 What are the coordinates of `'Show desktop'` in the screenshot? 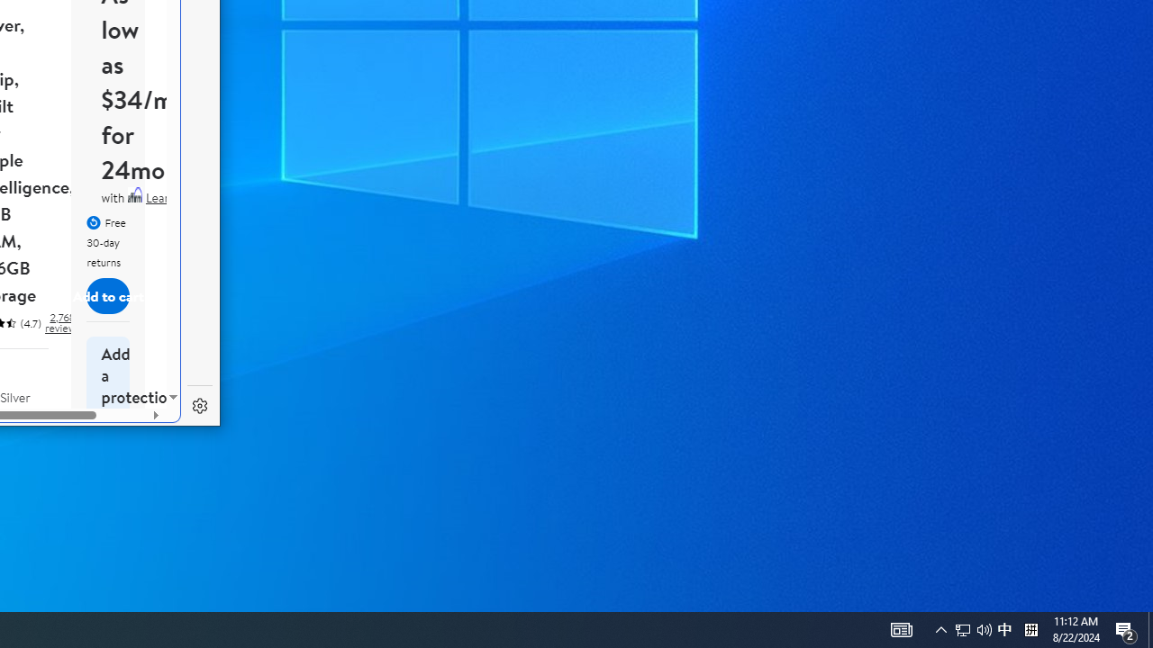 It's located at (1149, 628).